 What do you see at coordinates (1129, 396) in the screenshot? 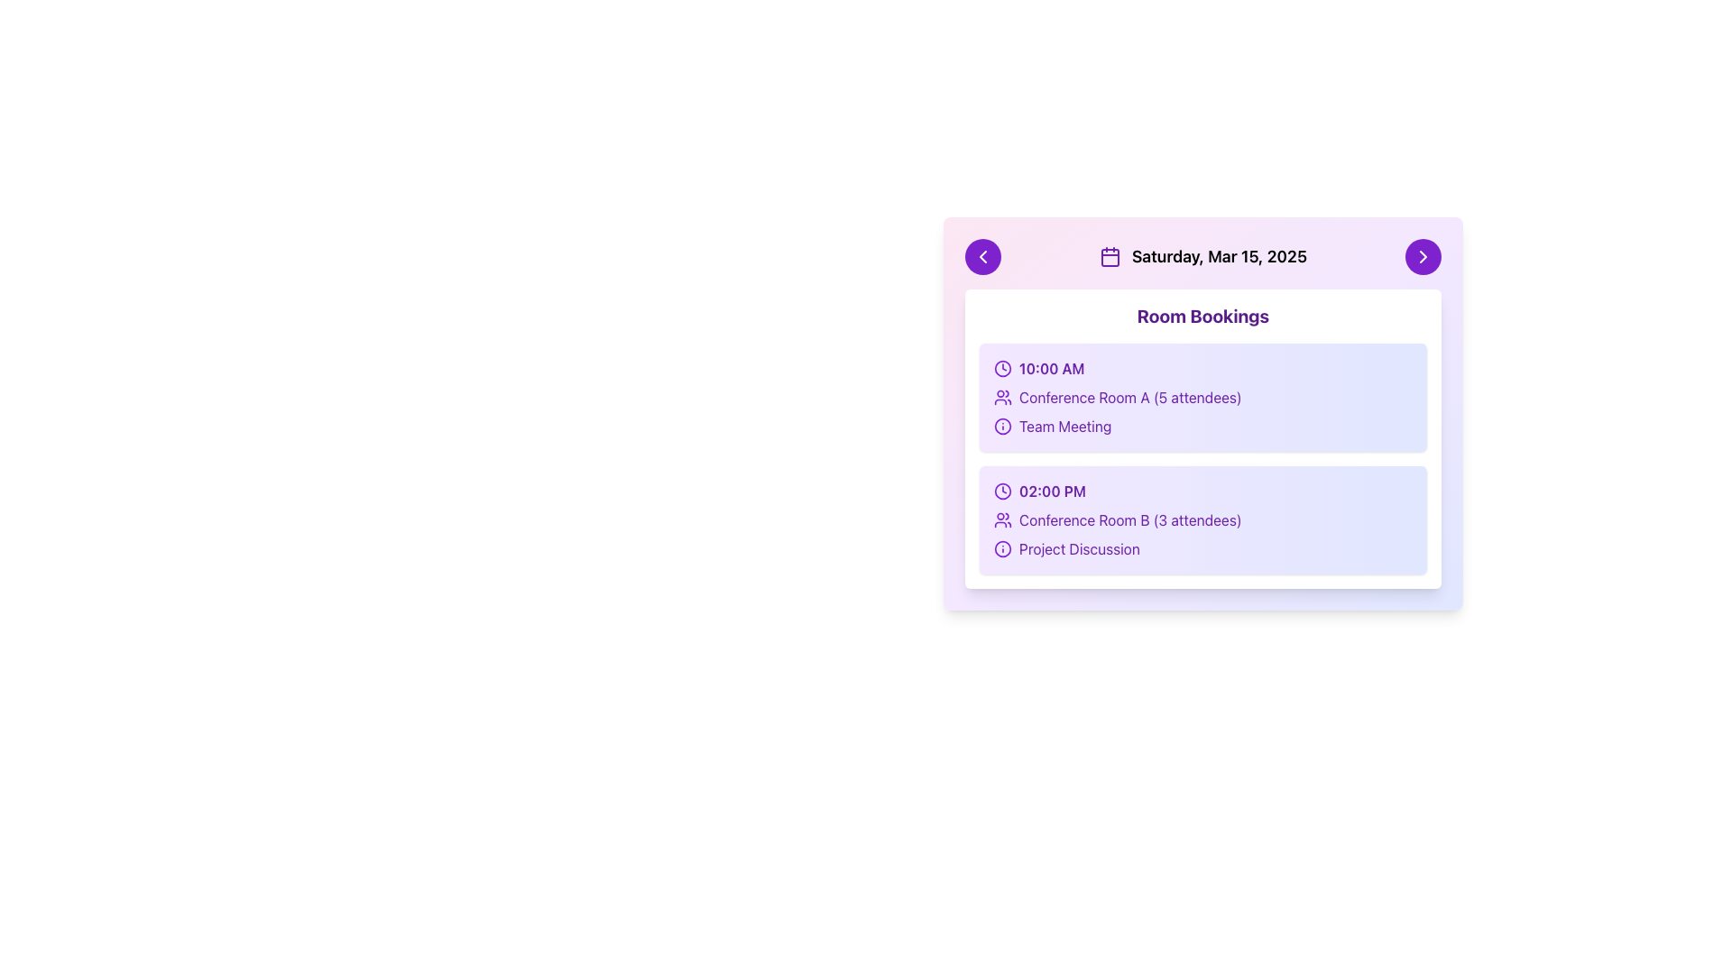
I see `the text label displaying 'Conference Room A (5 attendees)', which is styled in bold purple font and located within the Room Bookings section` at bounding box center [1129, 396].